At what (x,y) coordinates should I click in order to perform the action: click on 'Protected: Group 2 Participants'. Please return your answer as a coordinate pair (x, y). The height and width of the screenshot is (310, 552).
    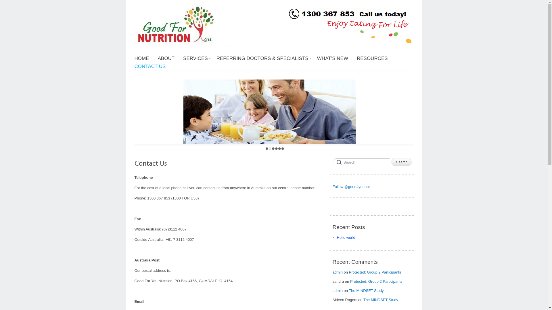
    Looking at the image, I should click on (376, 281).